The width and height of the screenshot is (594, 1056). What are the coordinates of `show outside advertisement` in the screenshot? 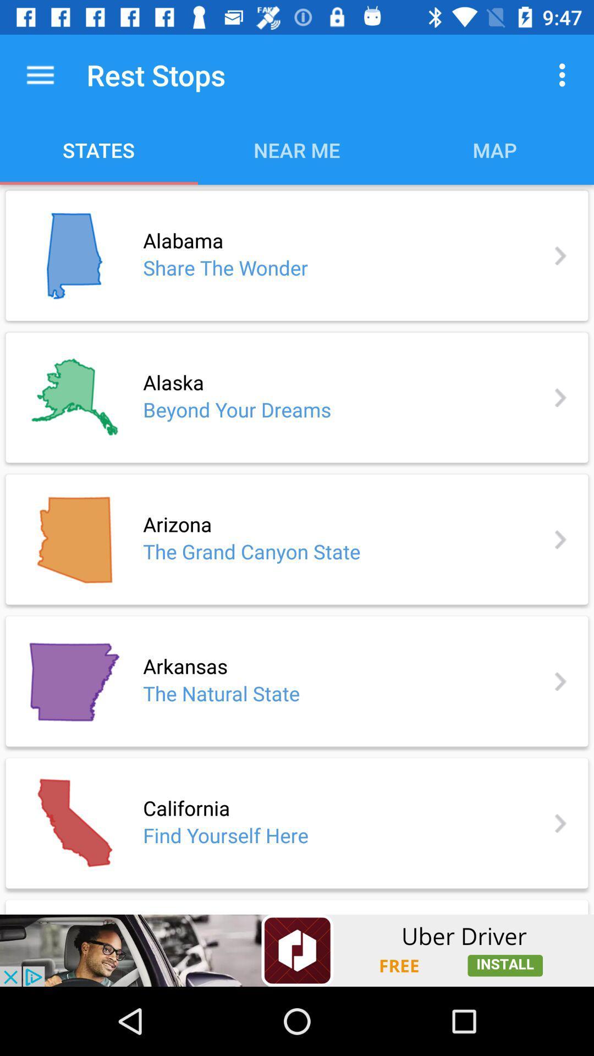 It's located at (297, 950).